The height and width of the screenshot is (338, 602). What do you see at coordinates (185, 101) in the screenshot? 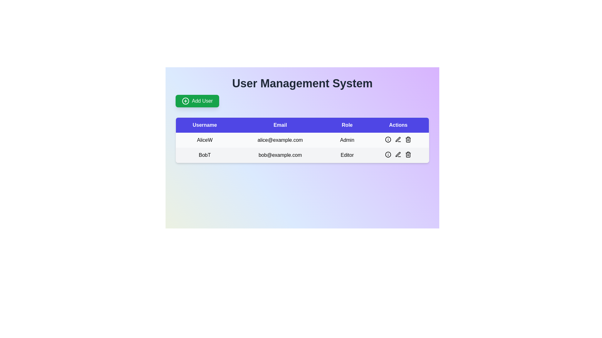
I see `the SVG icon representing a circle with a plus sign inside it` at bounding box center [185, 101].